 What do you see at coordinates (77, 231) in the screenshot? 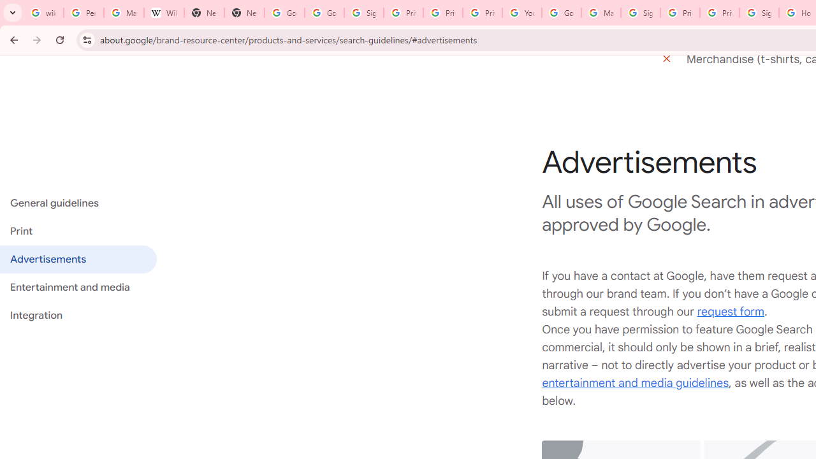
I see `'Print'` at bounding box center [77, 231].